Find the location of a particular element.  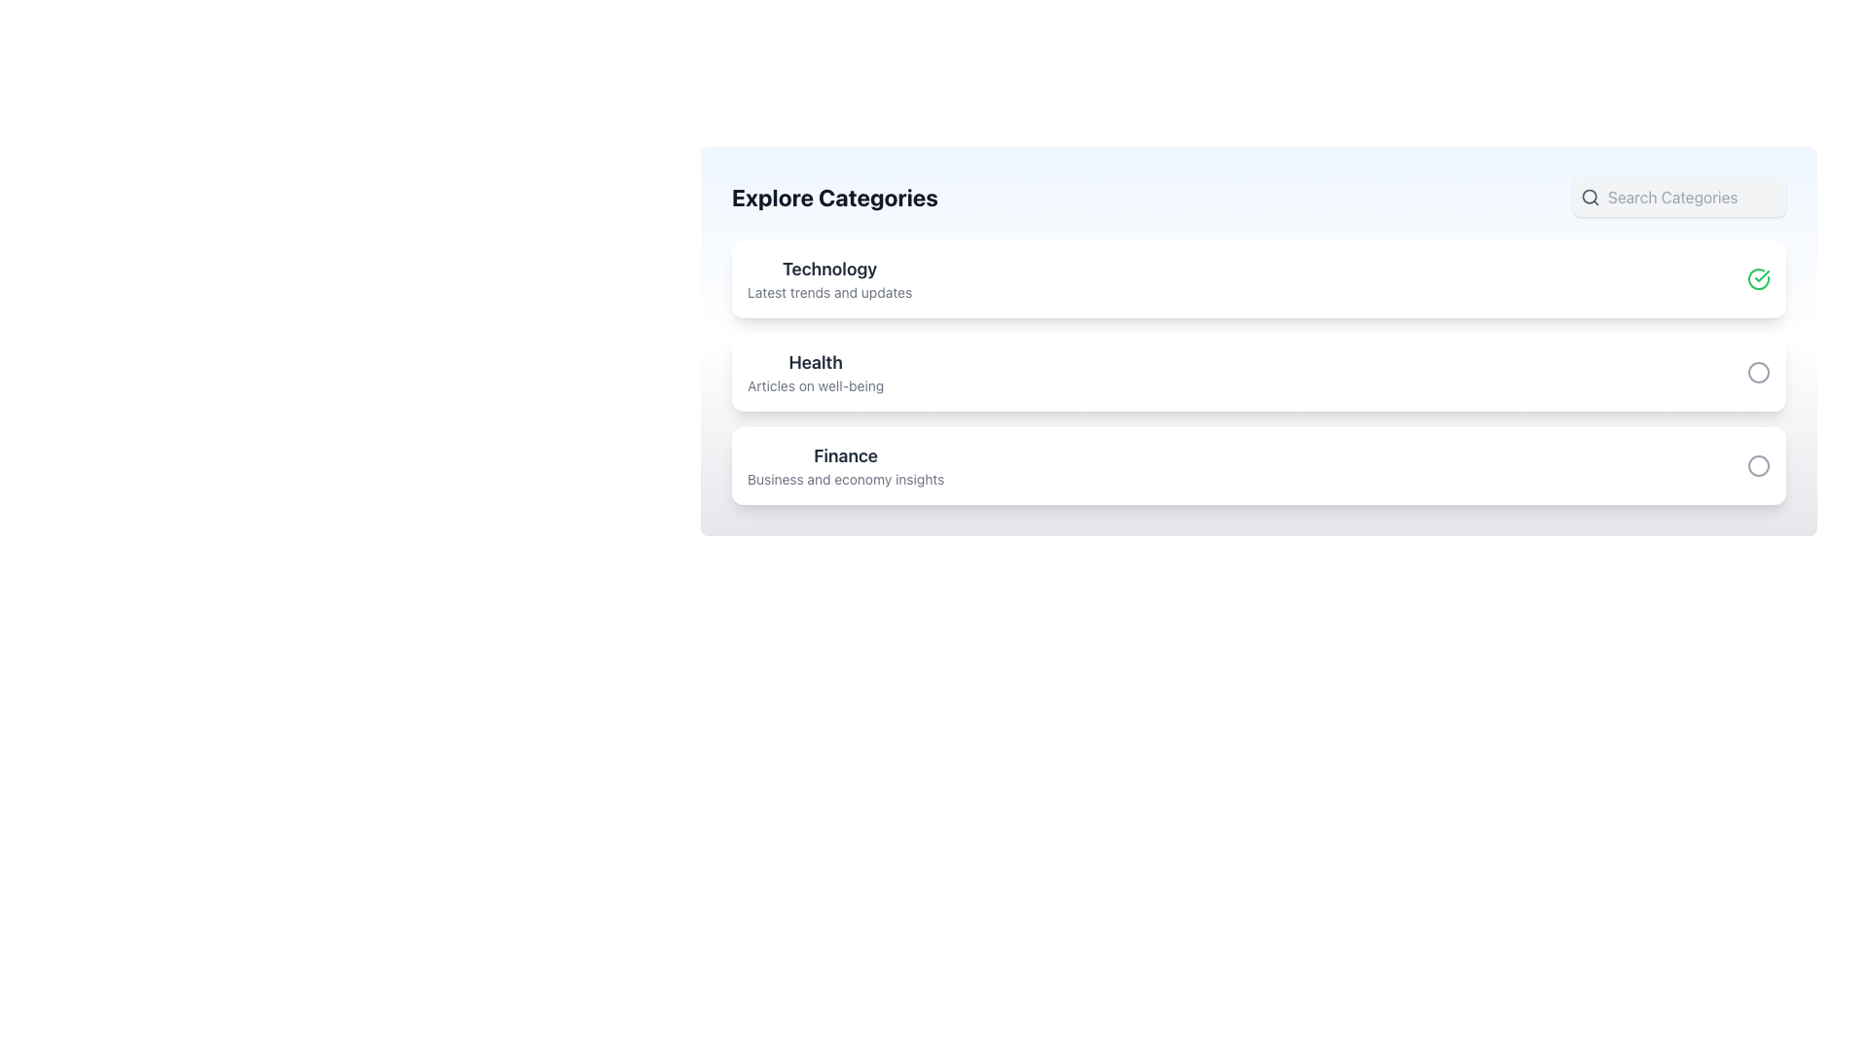

the circular icon with a gray border located at the far right of the 'Finance' section is located at coordinates (1758, 465).